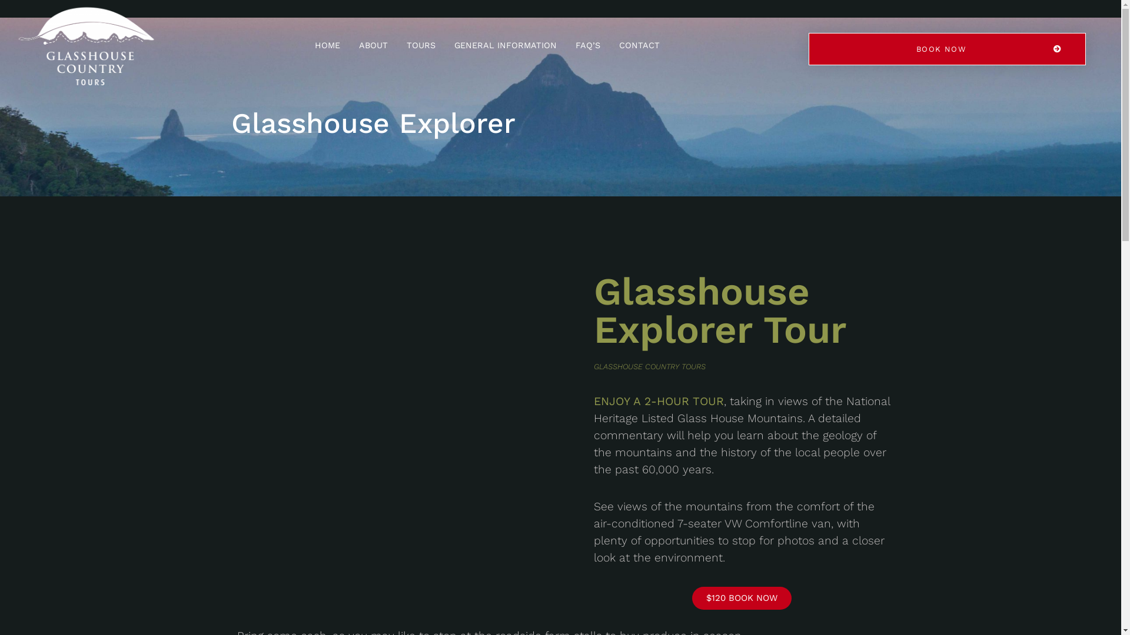 The image size is (1130, 635). Describe the element at coordinates (421, 45) in the screenshot. I see `'TOURS'` at that location.